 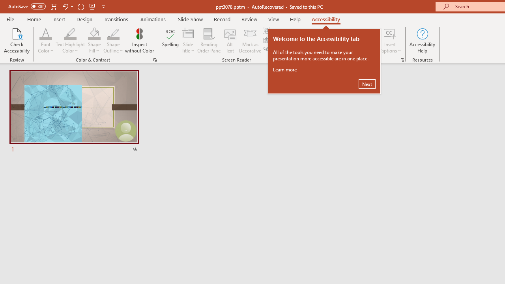 I want to click on 'Insert Captions', so click(x=390, y=33).